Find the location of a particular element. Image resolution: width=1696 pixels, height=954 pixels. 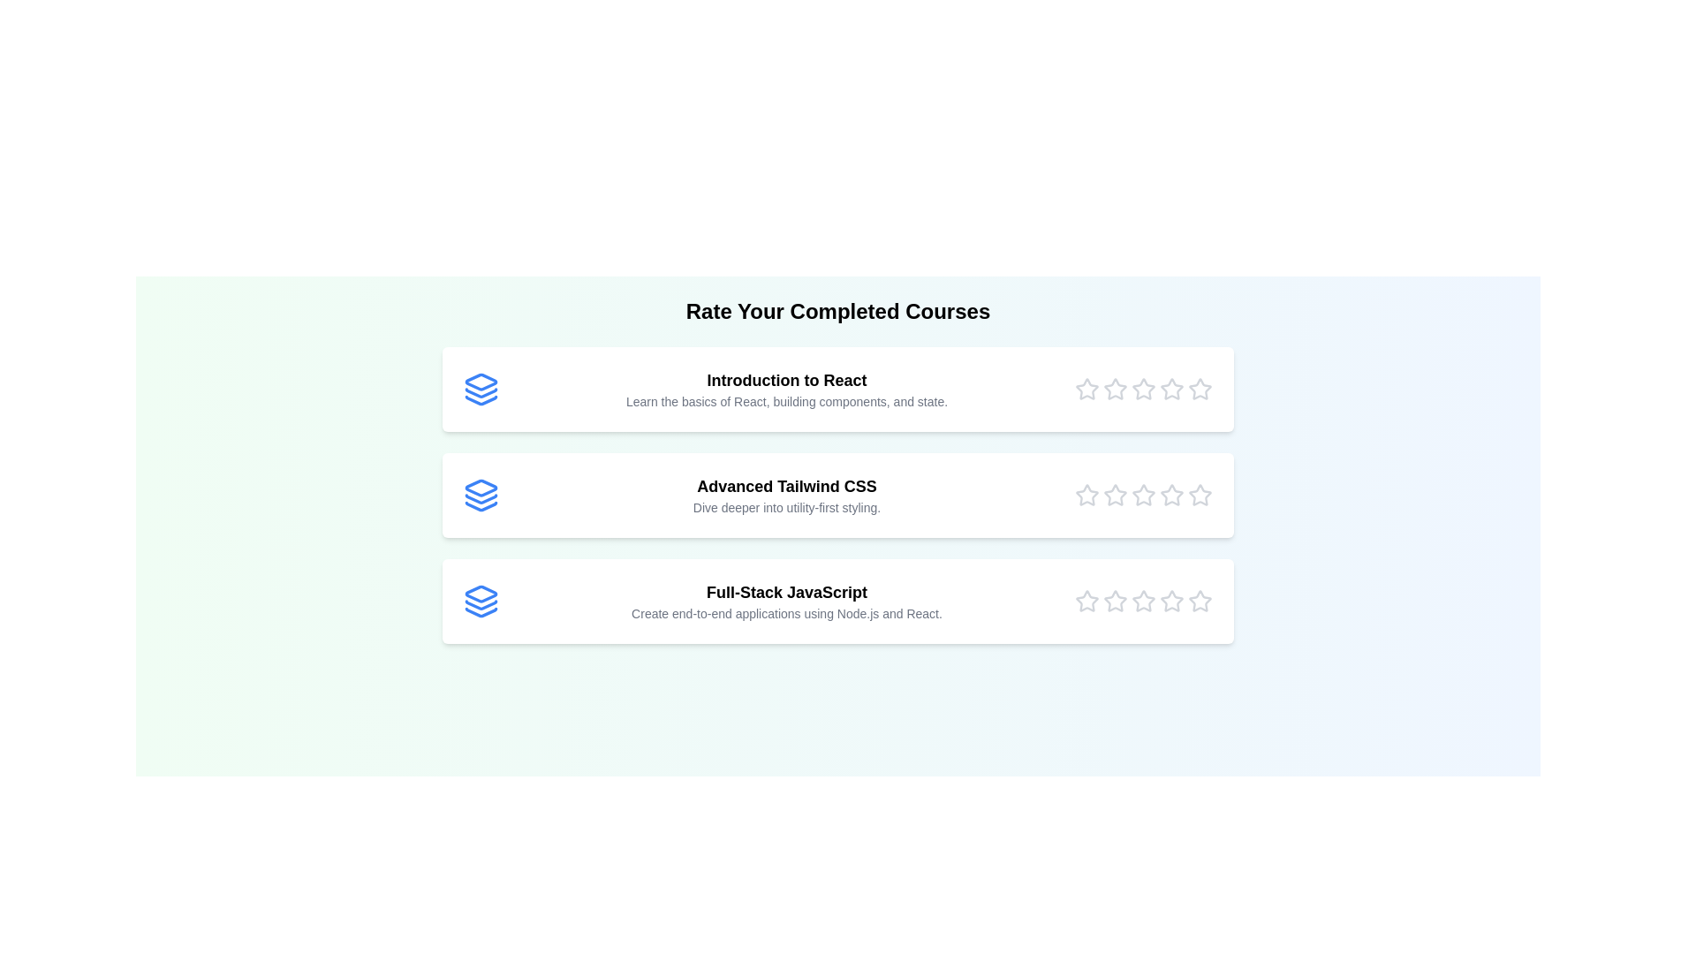

the course title to view its details. The parameter Full-Stack JavaScript specifies which course to select is located at coordinates (837, 601).